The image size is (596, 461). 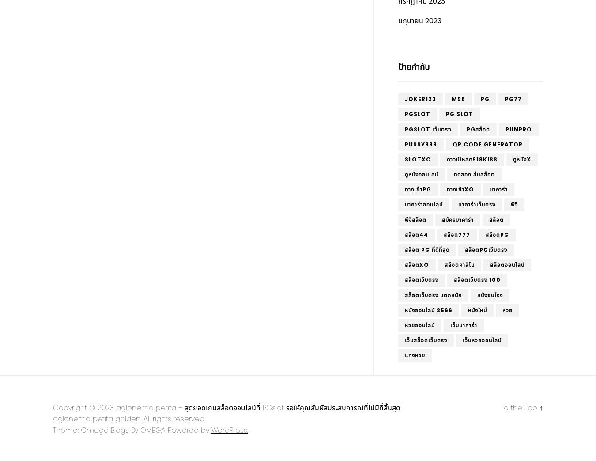 I want to click on 'PGSlot', so click(x=417, y=113).